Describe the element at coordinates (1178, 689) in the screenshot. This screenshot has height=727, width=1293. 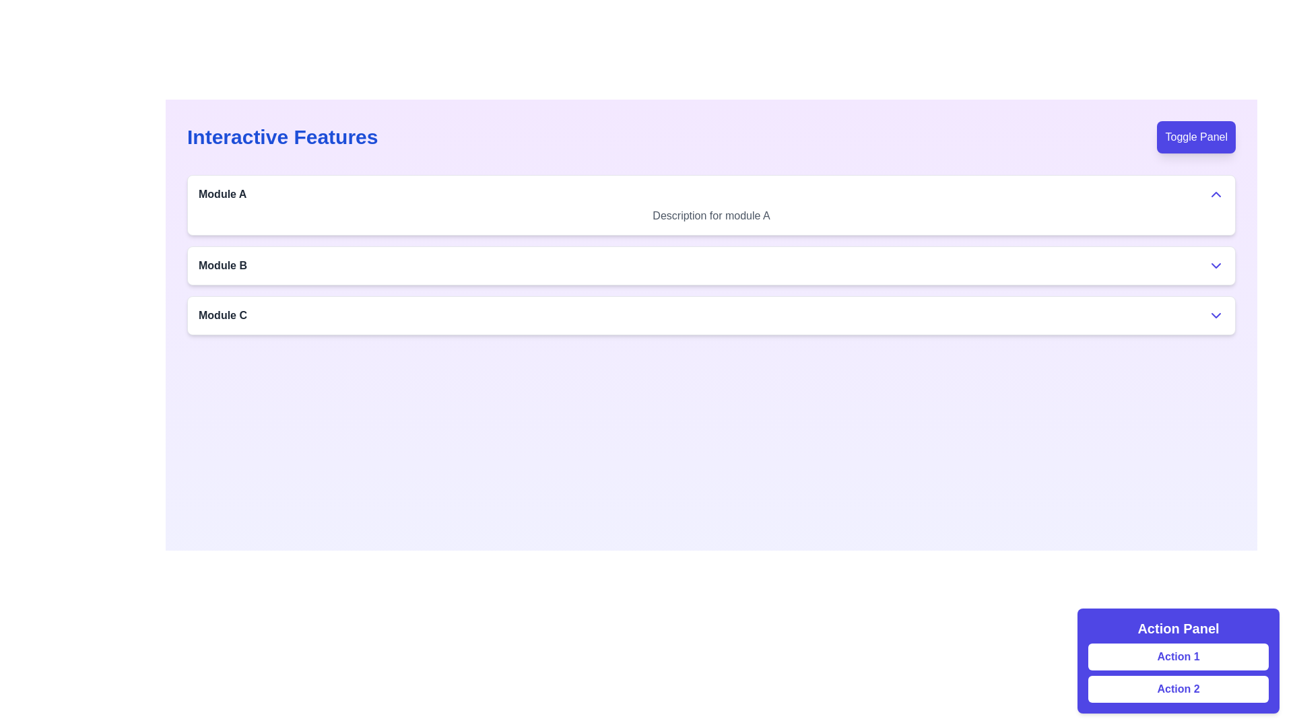
I see `the rectangular button labeled 'Action 2' with a white background and blue text` at that location.